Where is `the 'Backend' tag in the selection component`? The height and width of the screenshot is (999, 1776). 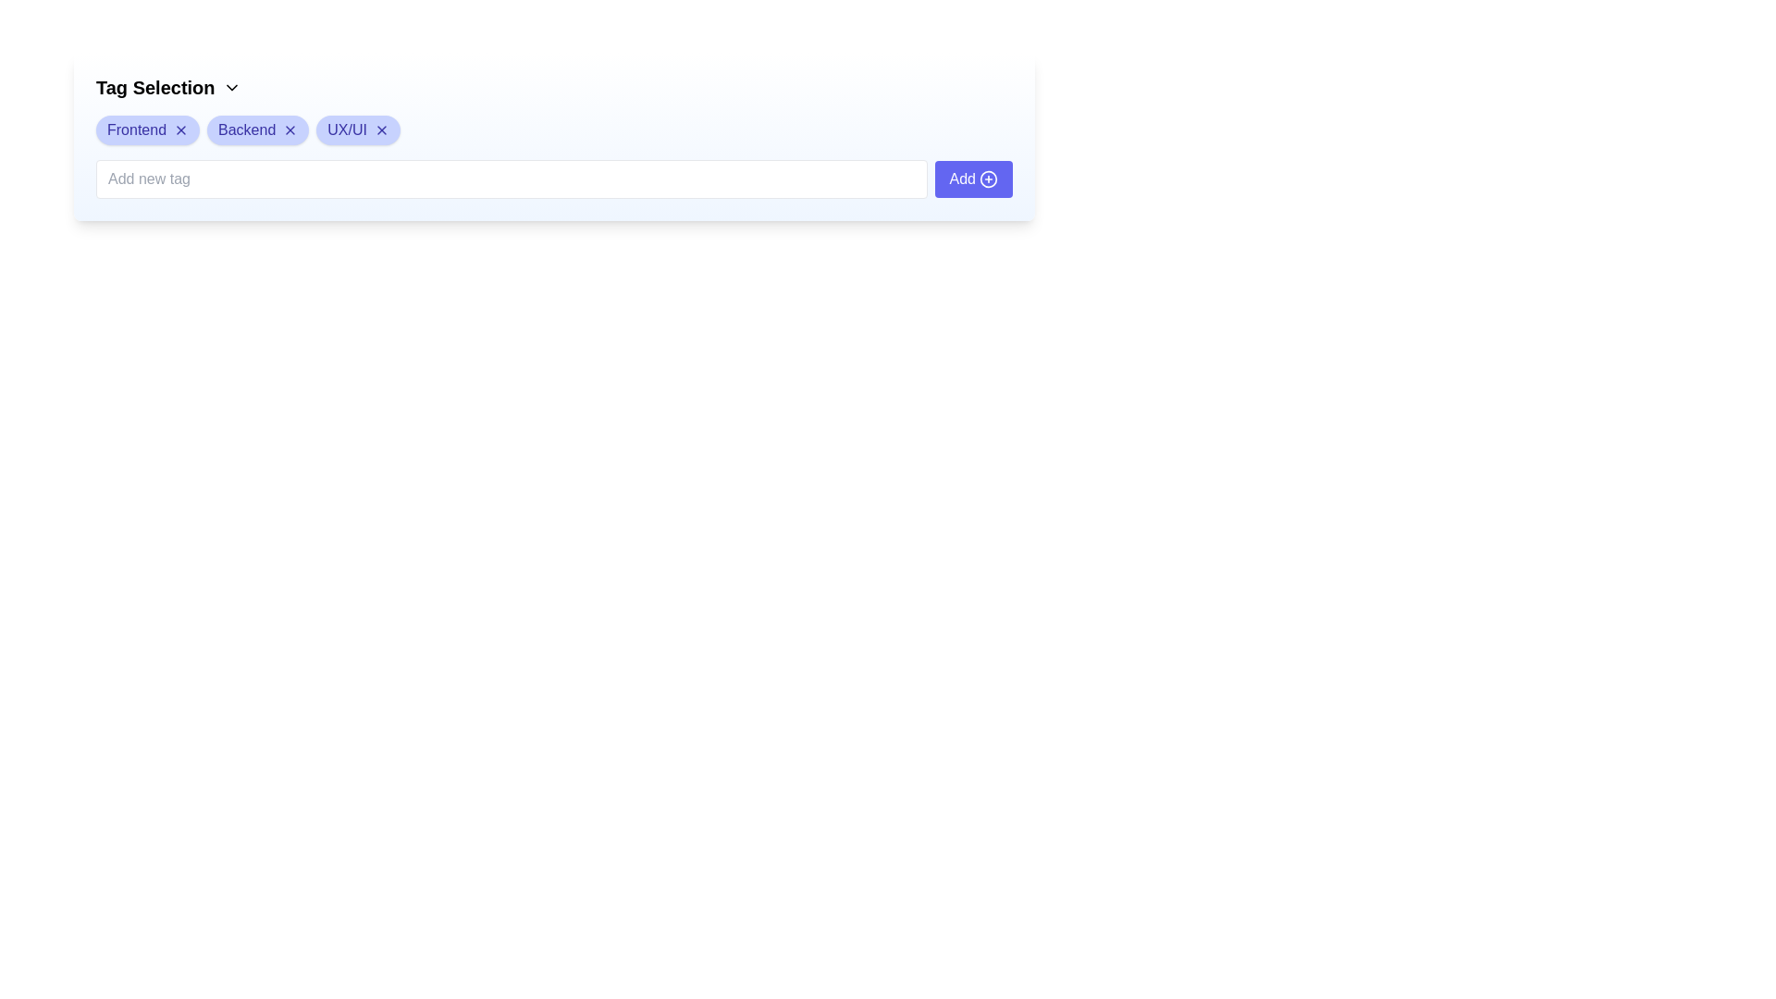 the 'Backend' tag in the selection component is located at coordinates (257, 129).